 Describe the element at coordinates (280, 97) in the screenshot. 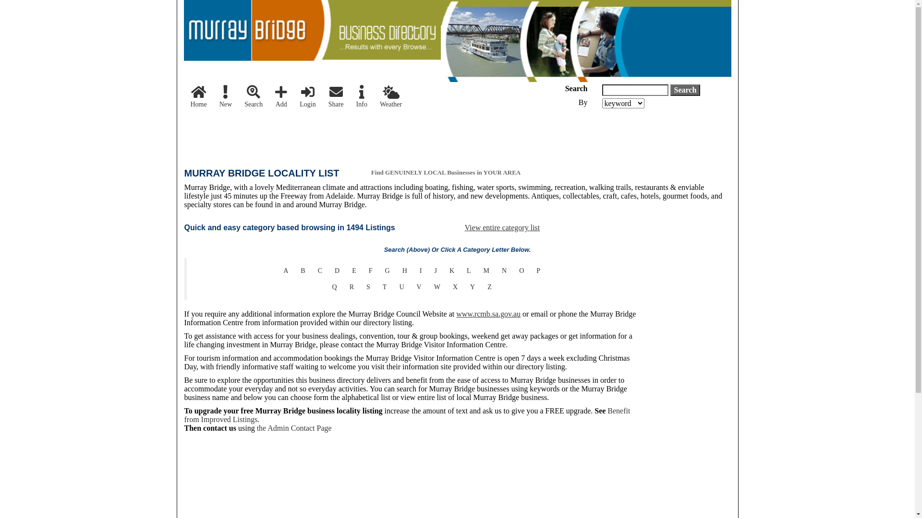

I see `'Add'` at that location.